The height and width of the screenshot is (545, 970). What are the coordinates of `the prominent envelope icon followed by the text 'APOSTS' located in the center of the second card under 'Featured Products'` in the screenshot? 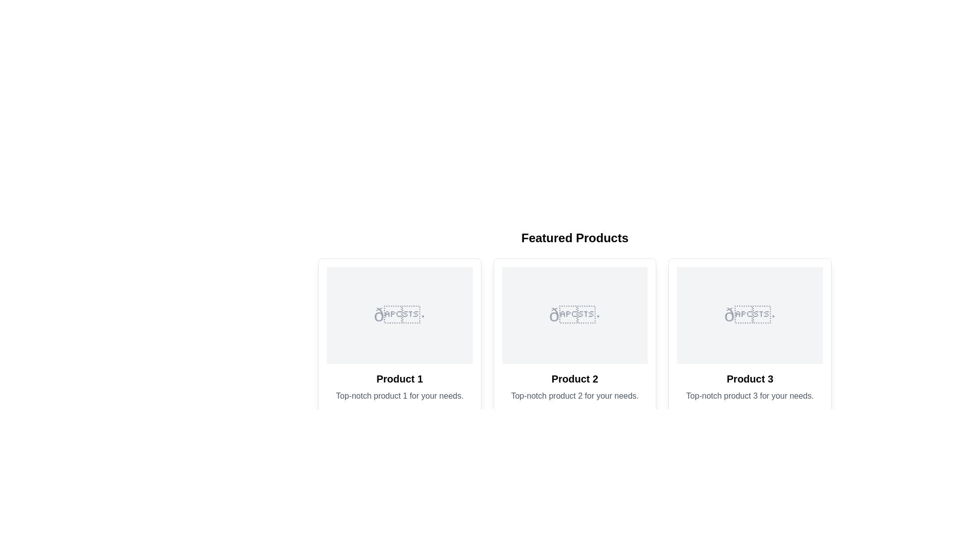 It's located at (574, 314).